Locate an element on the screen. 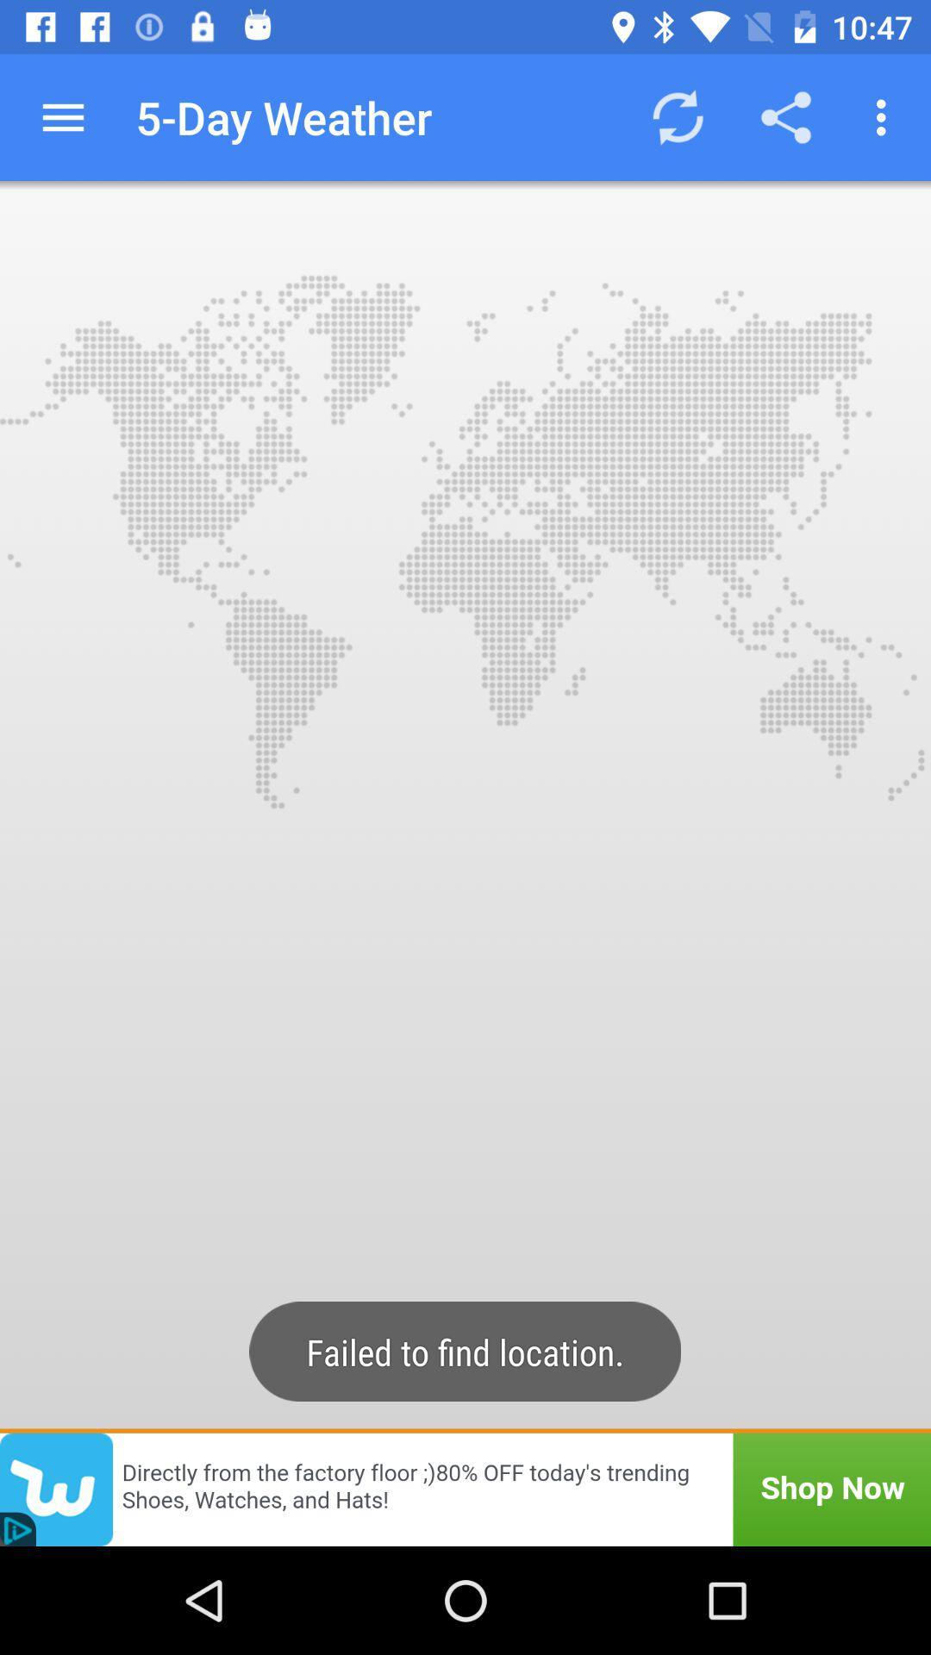  the item to the right of the 5-day weather is located at coordinates (677, 116).